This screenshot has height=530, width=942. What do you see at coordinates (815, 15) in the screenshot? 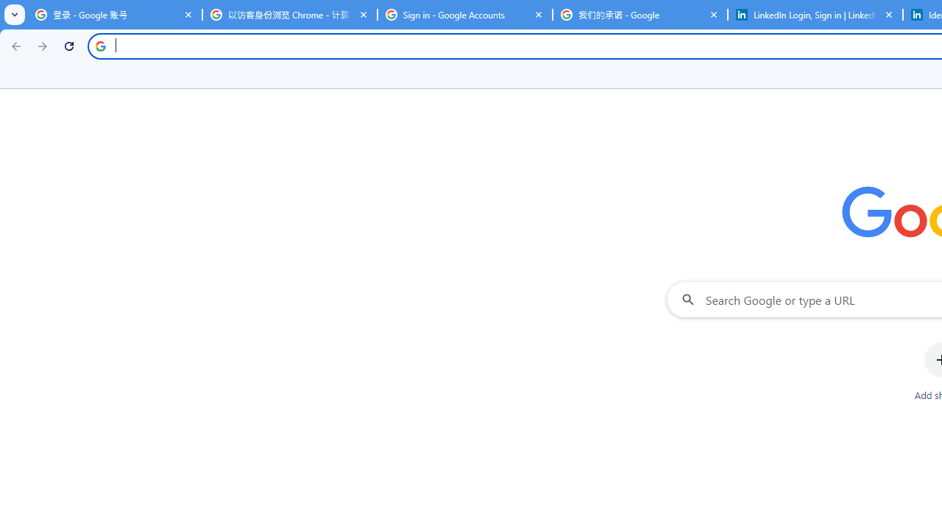
I see `'LinkedIn Login, Sign in | LinkedIn'` at bounding box center [815, 15].